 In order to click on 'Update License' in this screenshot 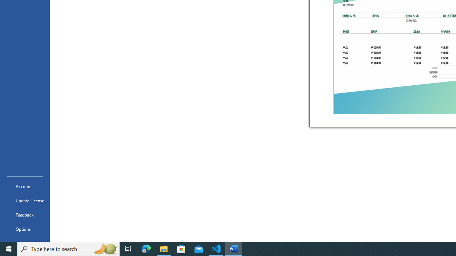, I will do `click(25, 201)`.